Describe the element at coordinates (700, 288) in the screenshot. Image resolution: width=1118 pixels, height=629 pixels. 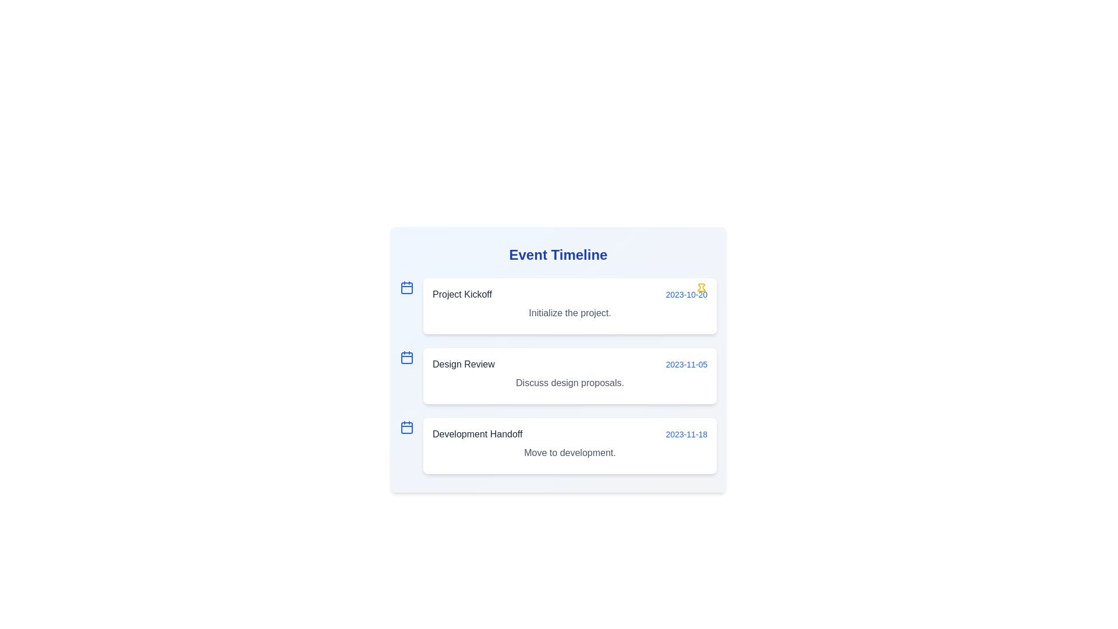
I see `the pin icon associated with the 'Project Kickoff' event` at that location.